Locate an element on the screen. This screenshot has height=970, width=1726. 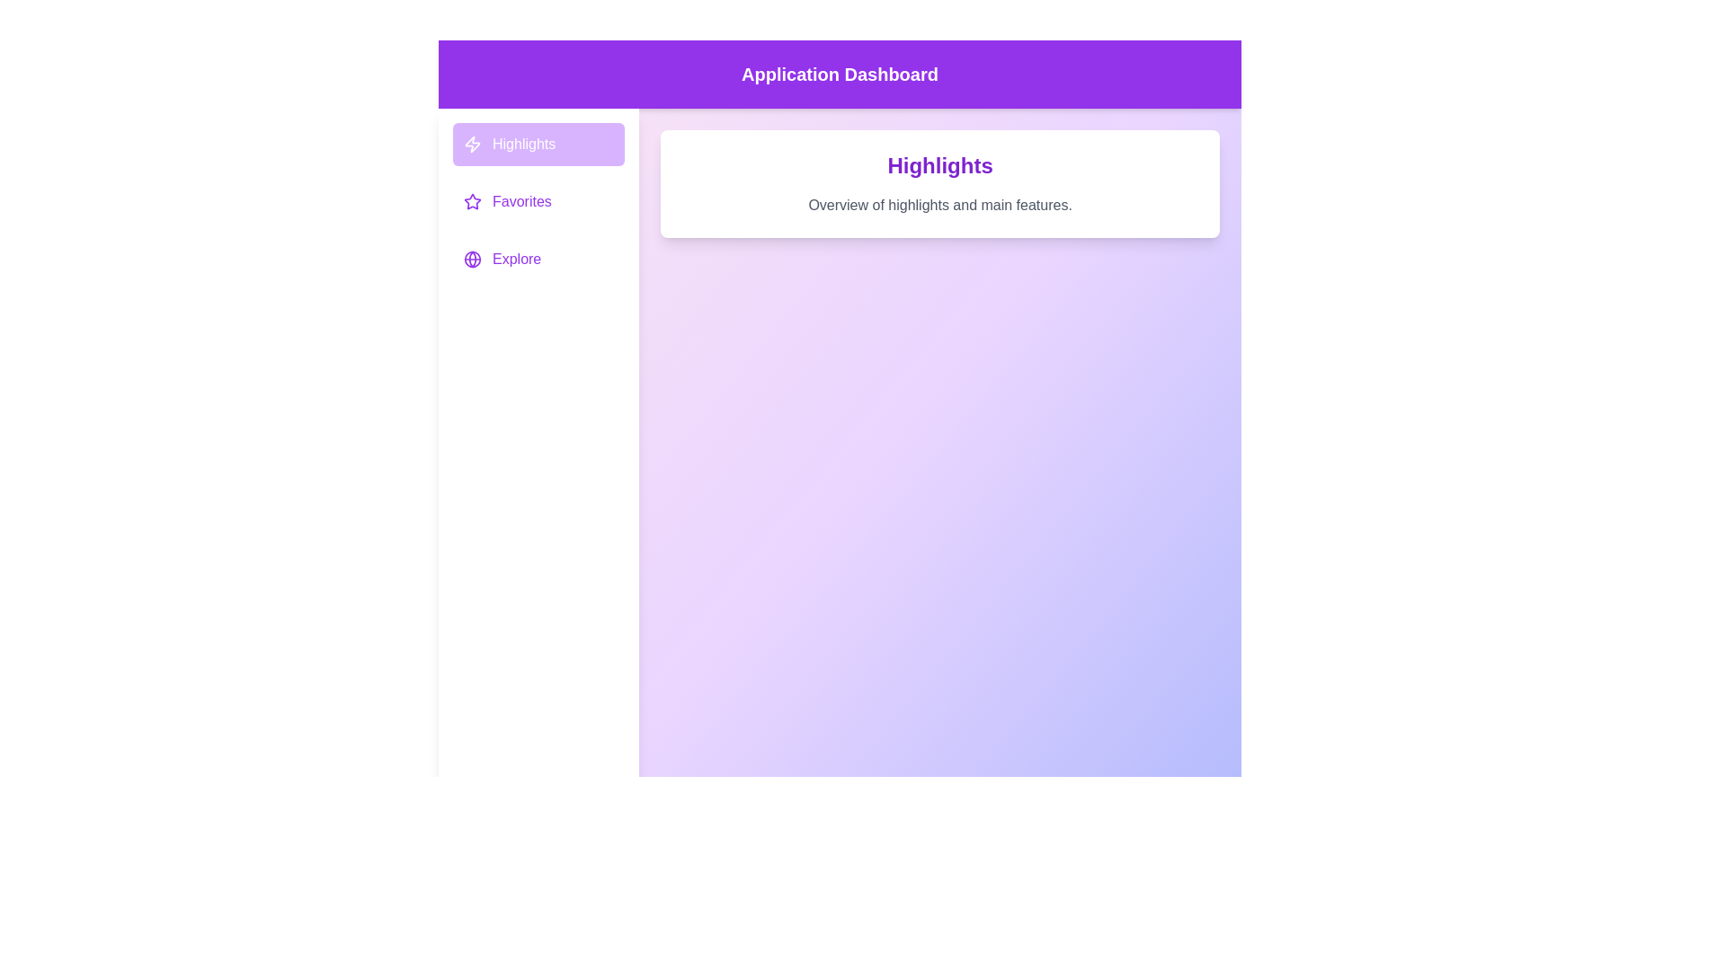
the menu item Favorites to view its corresponding content is located at coordinates (538, 201).